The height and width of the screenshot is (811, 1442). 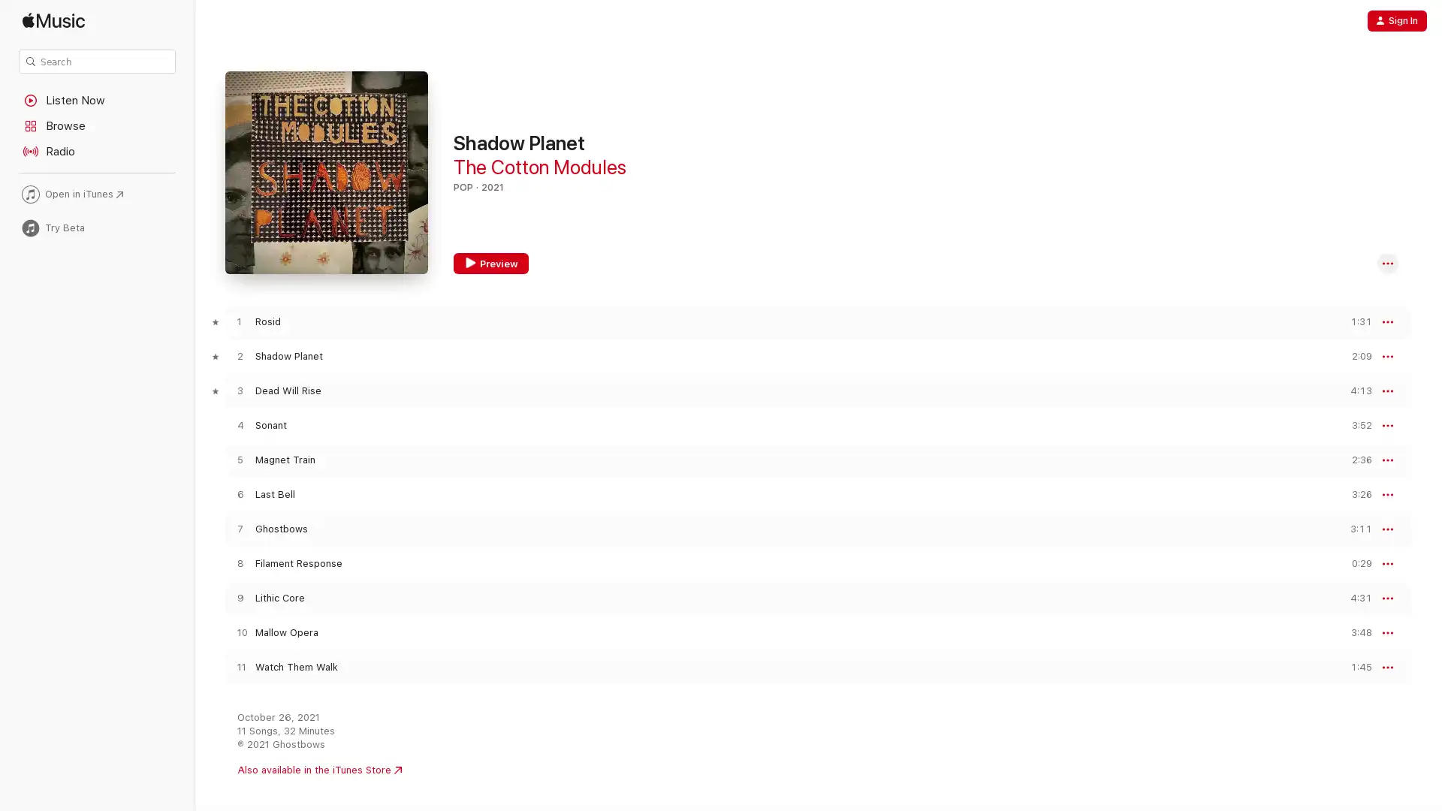 What do you see at coordinates (1387, 390) in the screenshot?
I see `More` at bounding box center [1387, 390].